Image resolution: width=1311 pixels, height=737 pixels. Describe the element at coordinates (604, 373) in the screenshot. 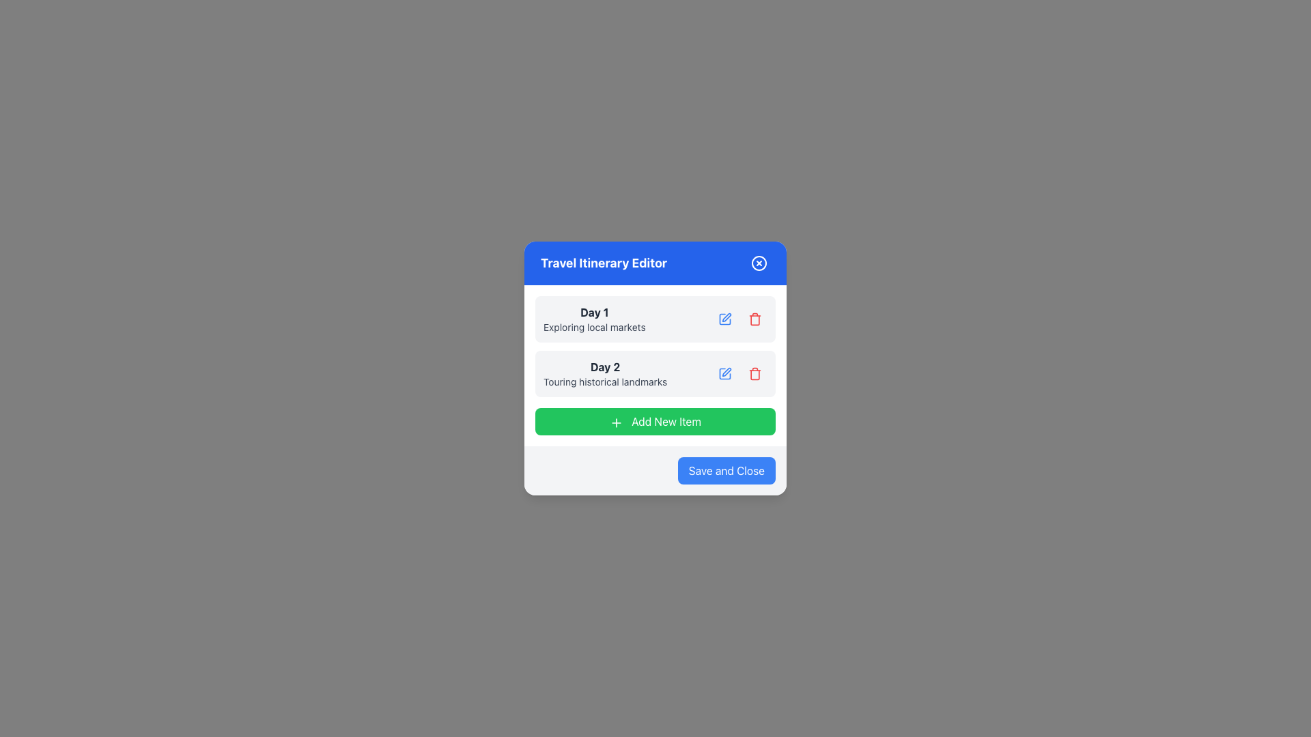

I see `the textual label that reads 'Day 2' and 'Touring historical landmarks', which is the second itinerary entry in the 'Travel Itinerary Editor', positioned between 'Day 1' and the '+ Add New Item' button` at that location.